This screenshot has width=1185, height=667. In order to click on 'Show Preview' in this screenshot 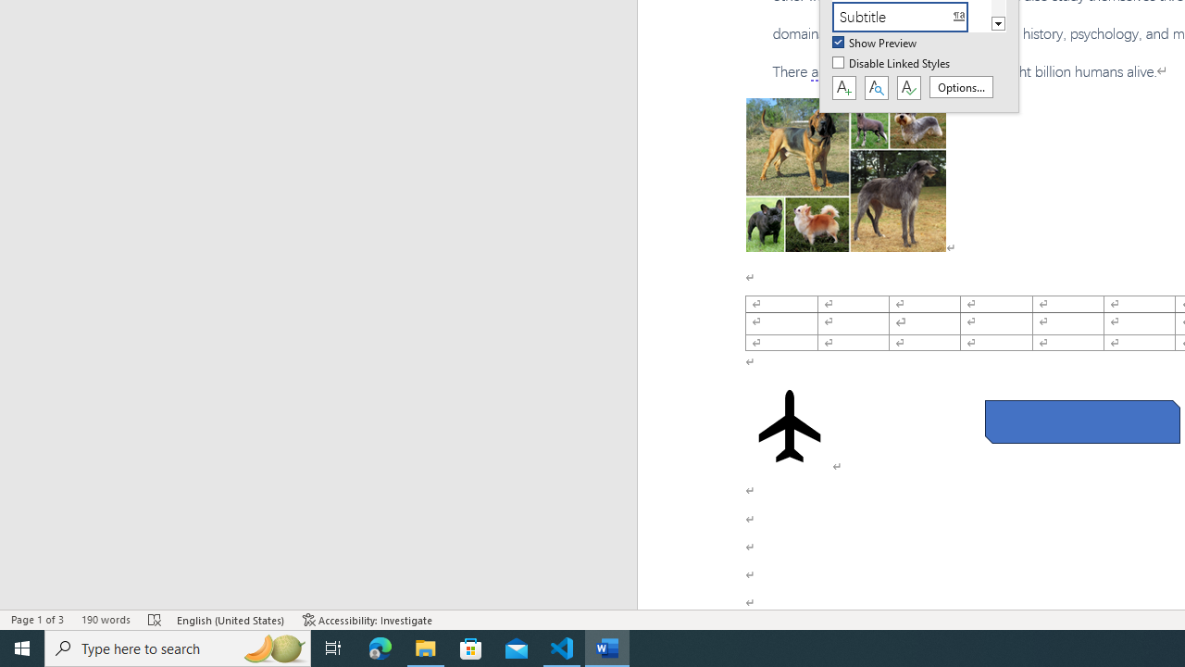, I will do `click(875, 43)`.